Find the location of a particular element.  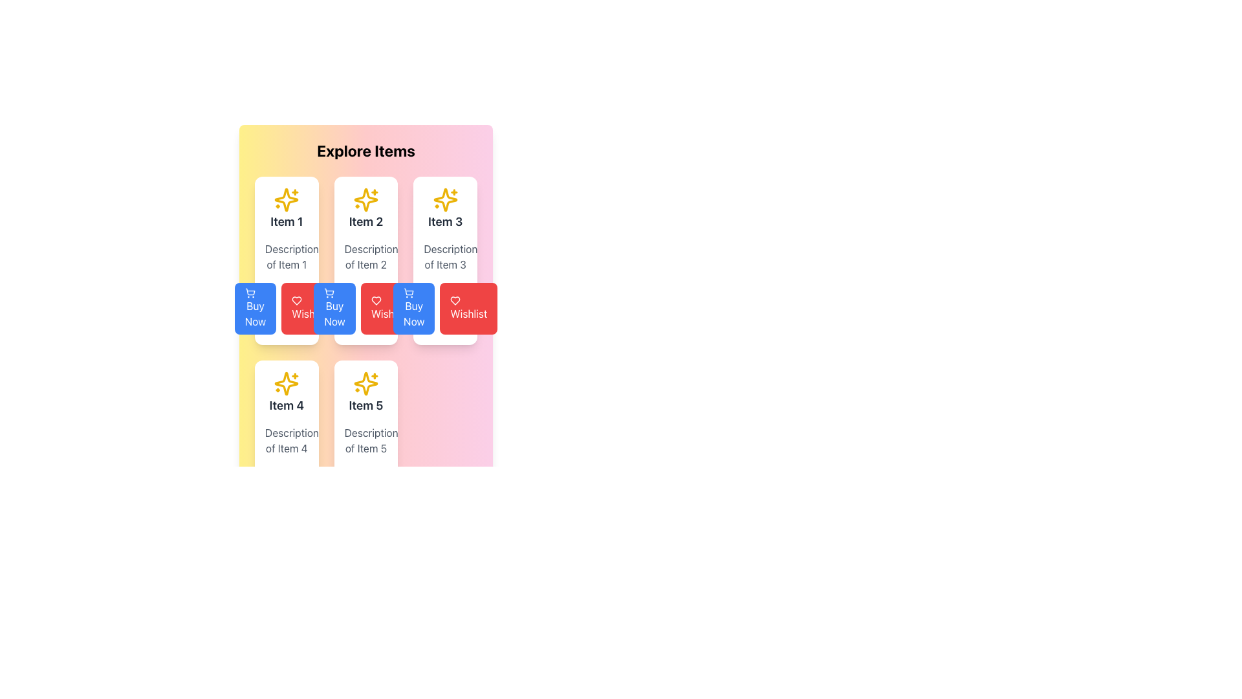

the text label reading 'Description of Item 1' is located at coordinates (286, 257).